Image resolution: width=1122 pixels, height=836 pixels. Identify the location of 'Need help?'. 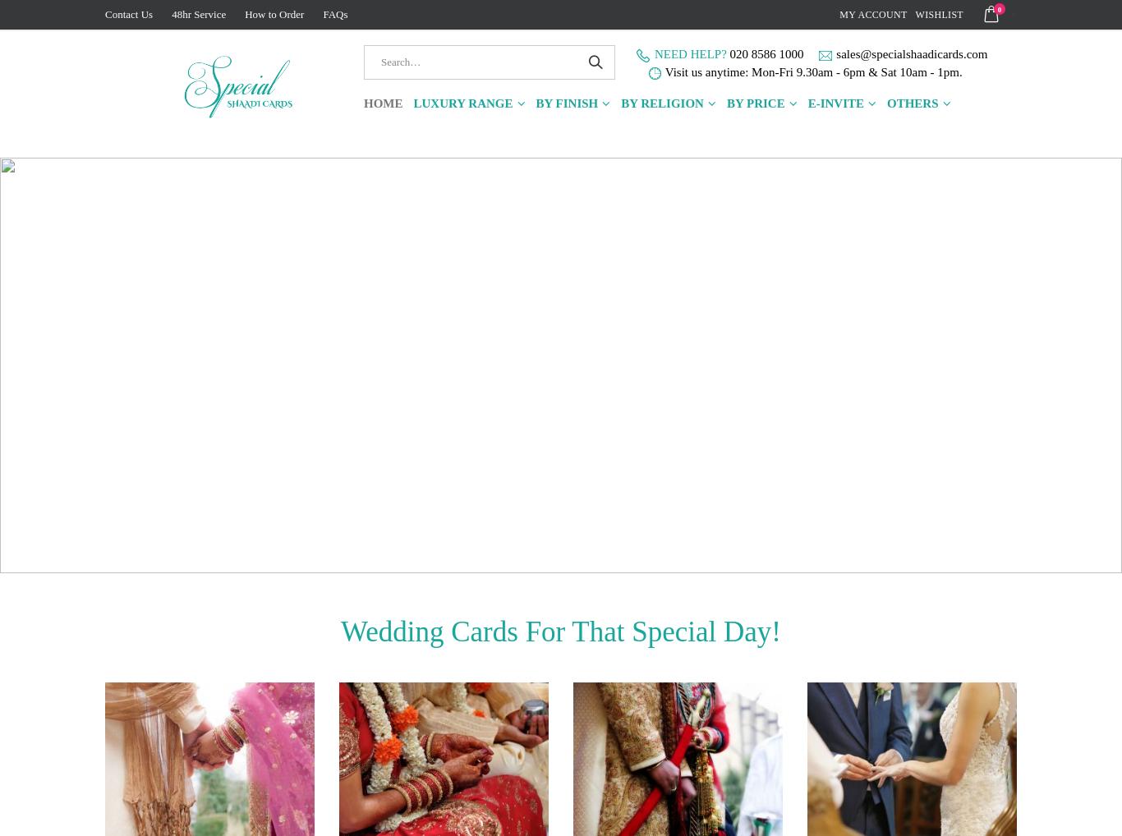
(653, 53).